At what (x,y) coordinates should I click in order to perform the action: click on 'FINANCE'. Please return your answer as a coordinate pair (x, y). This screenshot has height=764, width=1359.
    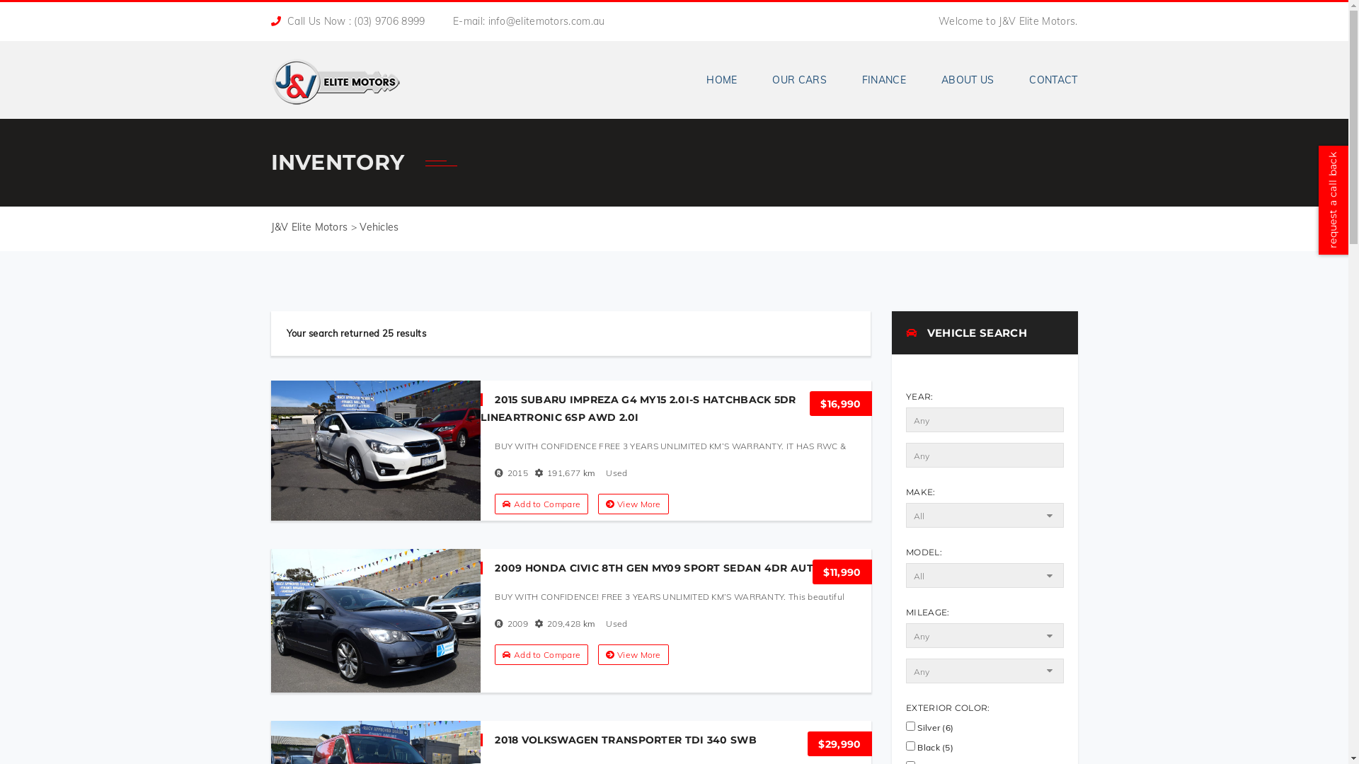
    Looking at the image, I should click on (844, 79).